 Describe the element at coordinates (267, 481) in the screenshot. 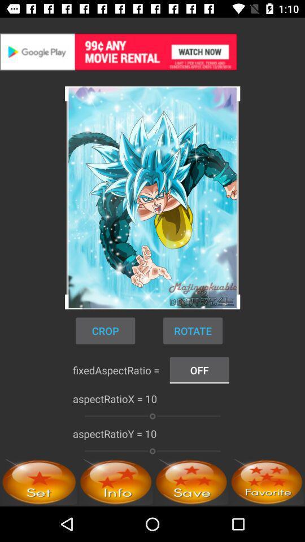

I see `rating` at that location.